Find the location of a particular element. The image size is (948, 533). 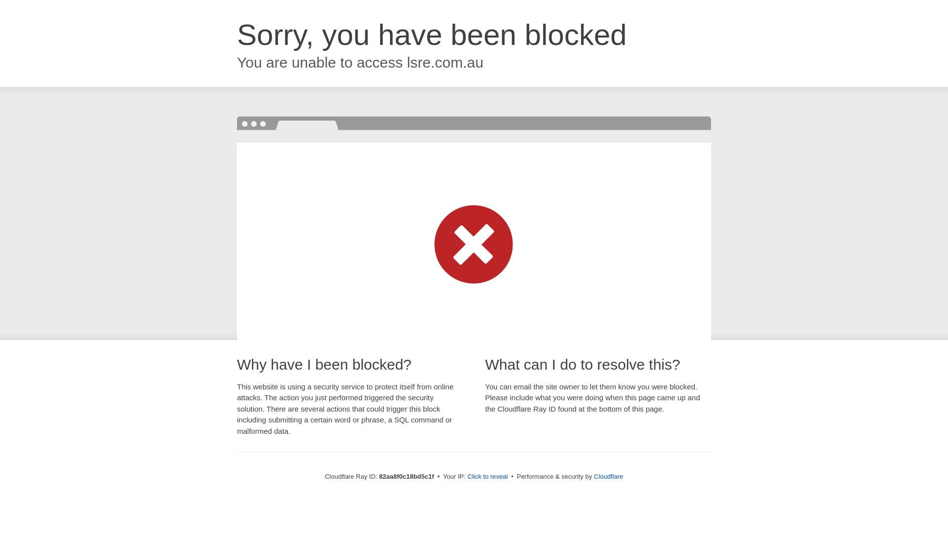

'Click to reveal' is located at coordinates (467, 476).